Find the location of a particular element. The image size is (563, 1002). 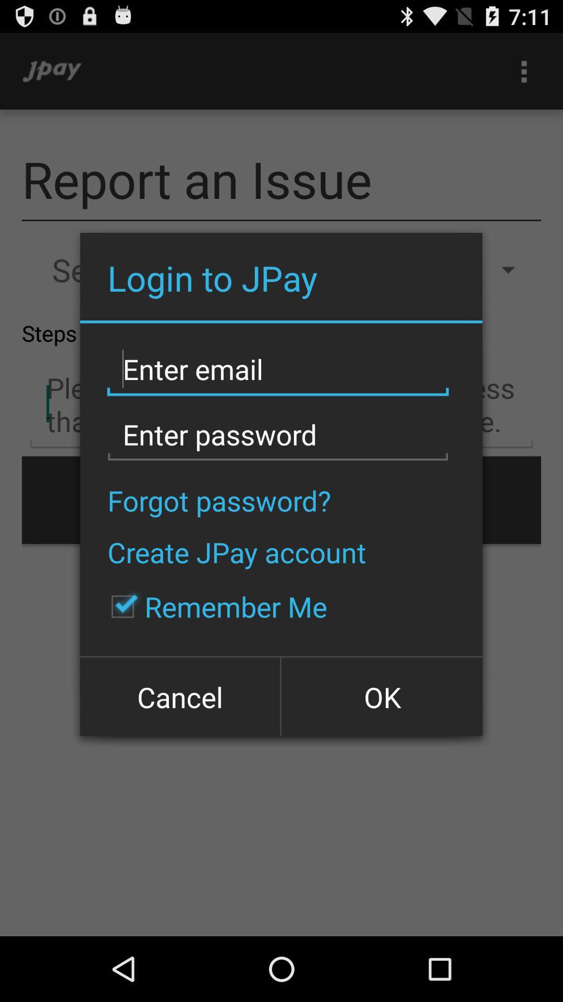

the remember me item is located at coordinates (213, 606).